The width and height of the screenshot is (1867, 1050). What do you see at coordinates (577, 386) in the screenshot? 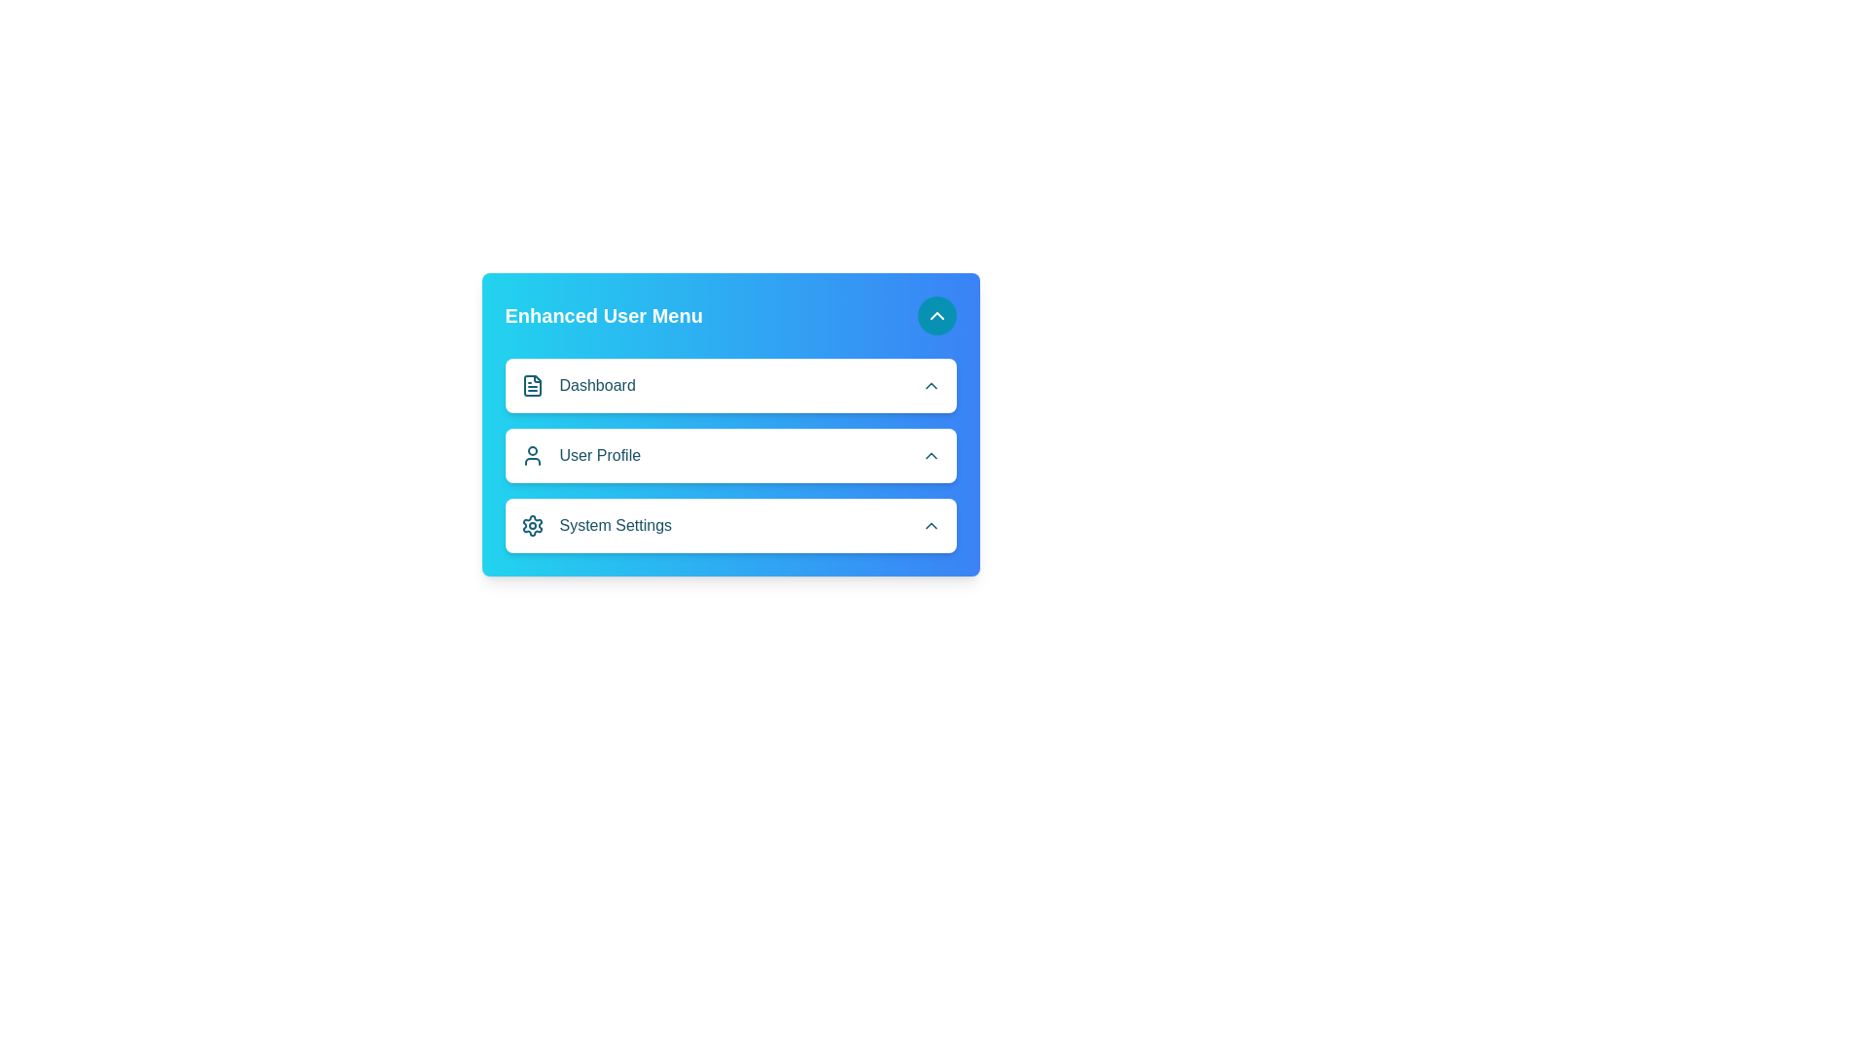
I see `the Navigation Item located in the first row of the vertical menu, just below the title 'Enhanced User Menu'` at bounding box center [577, 386].